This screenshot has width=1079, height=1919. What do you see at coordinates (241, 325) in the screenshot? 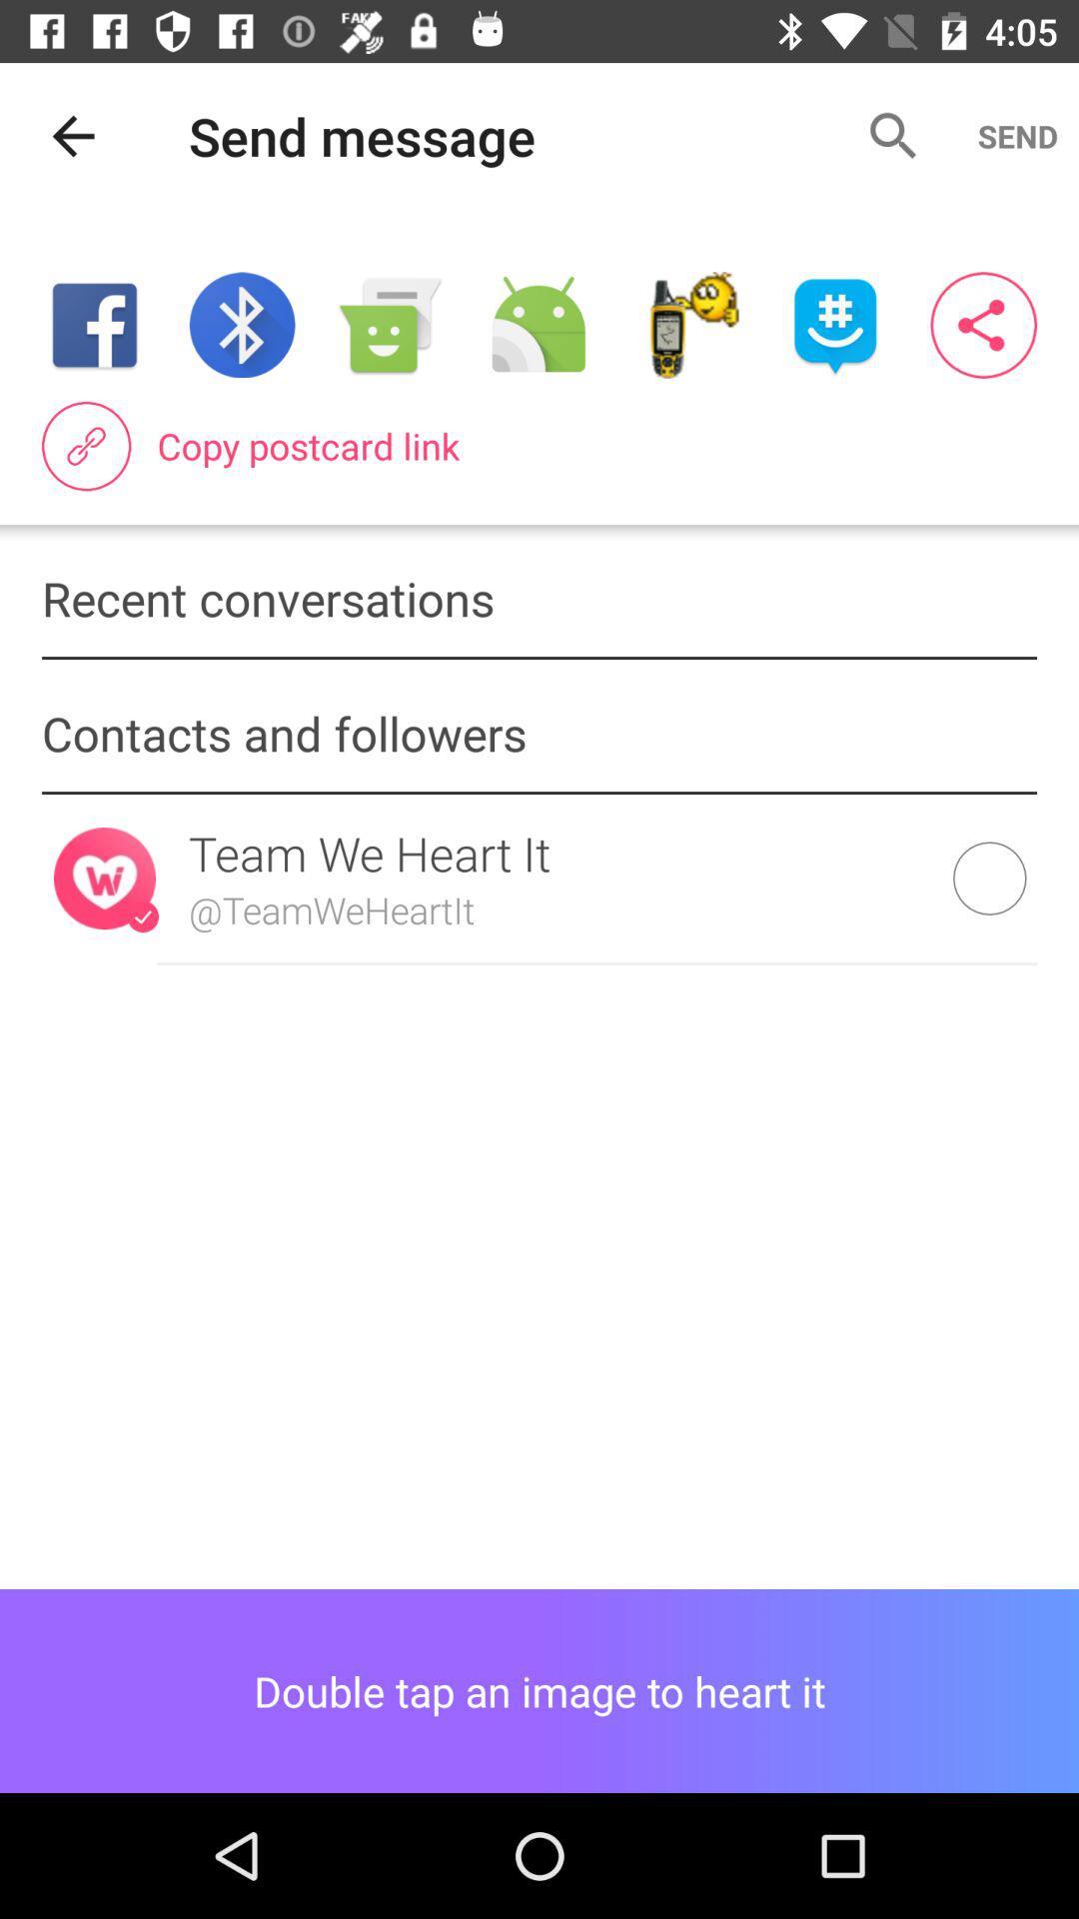
I see `bluetooth on/off` at bounding box center [241, 325].